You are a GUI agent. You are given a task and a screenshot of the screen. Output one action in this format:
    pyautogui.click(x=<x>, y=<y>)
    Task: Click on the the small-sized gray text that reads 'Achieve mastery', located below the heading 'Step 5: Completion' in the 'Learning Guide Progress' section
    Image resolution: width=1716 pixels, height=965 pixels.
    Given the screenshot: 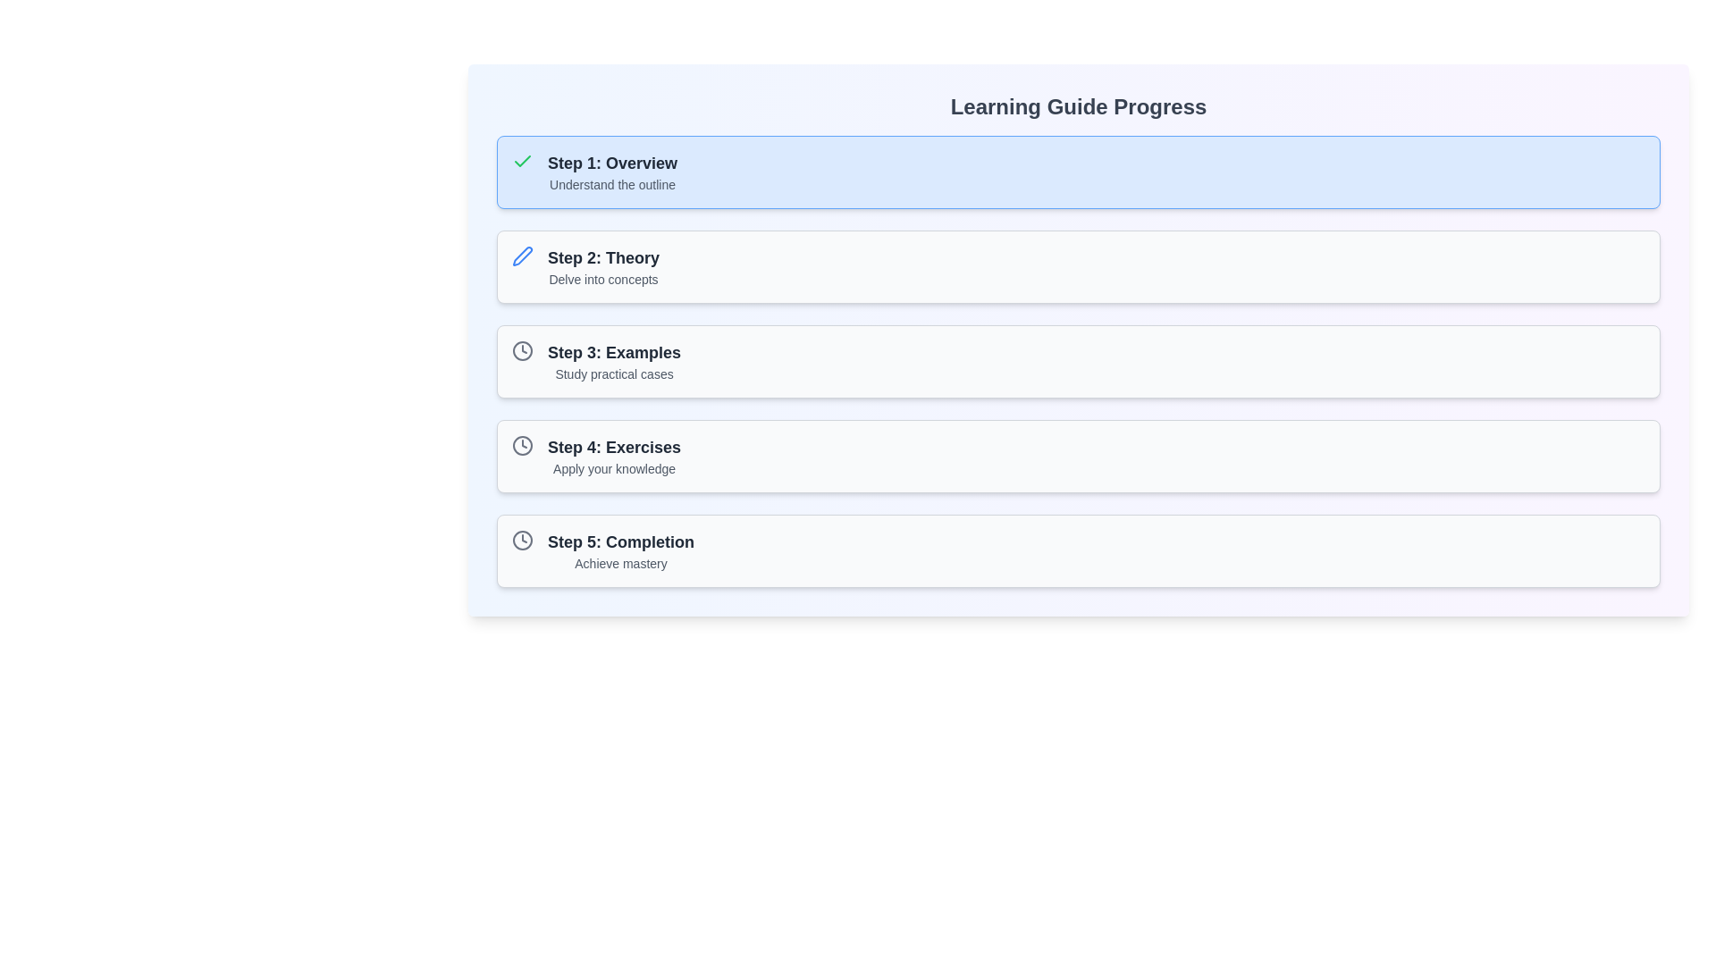 What is the action you would take?
    pyautogui.click(x=621, y=564)
    